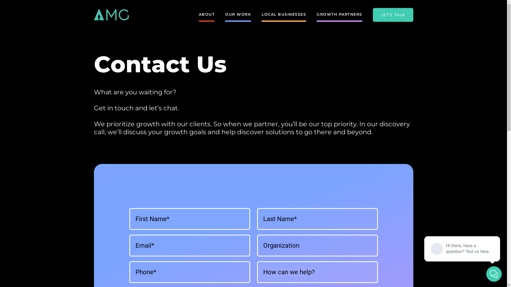  I want to click on 'OUR WORK', so click(225, 15).